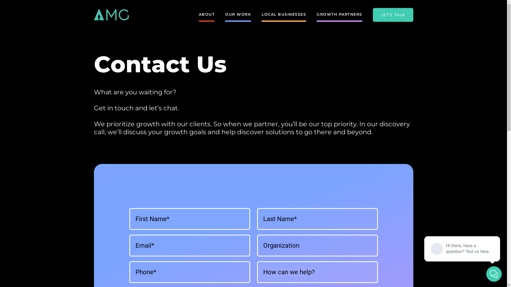  I want to click on 'OUR WORK', so click(225, 15).